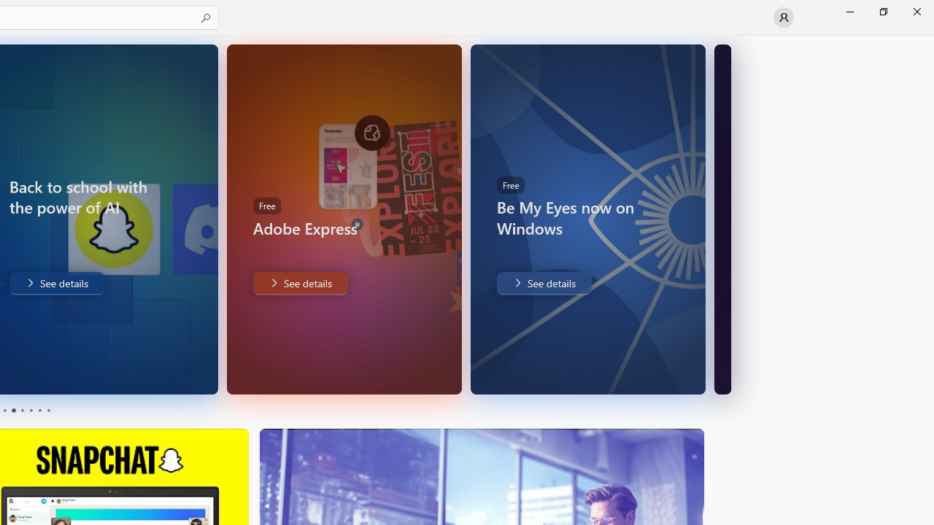 Image resolution: width=934 pixels, height=525 pixels. Describe the element at coordinates (4, 411) in the screenshot. I see `'Page 1'` at that location.